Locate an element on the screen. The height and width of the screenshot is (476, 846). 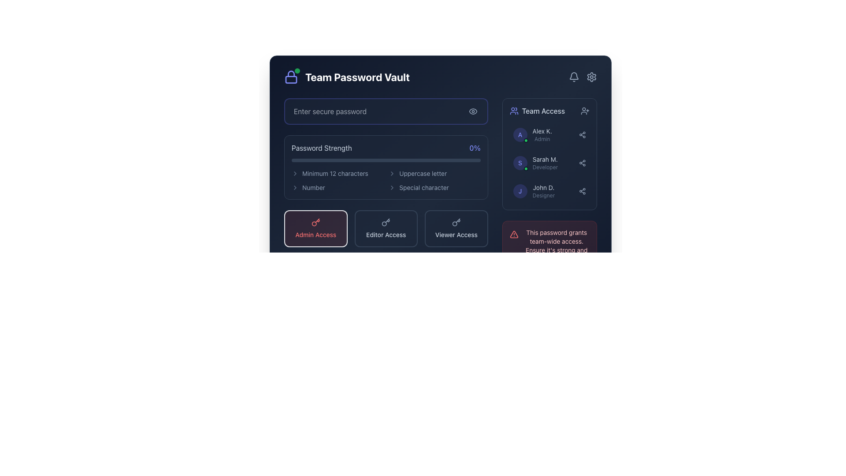
the Profile summary display, which shows the user's identification within the 'Team Access' panel on the right-hand side of the interface, as the first item is located at coordinates (532, 134).